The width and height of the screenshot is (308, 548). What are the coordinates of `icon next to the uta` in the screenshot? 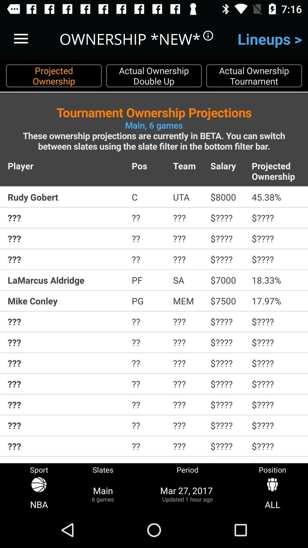 It's located at (227, 197).